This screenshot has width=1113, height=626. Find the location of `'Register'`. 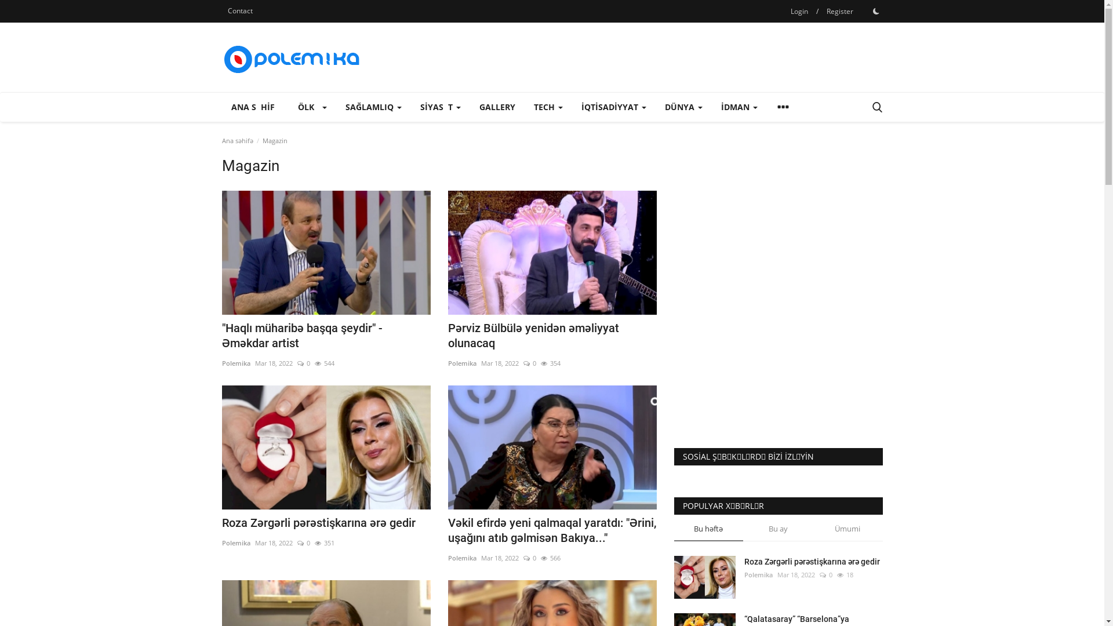

'Register' is located at coordinates (820, 11).